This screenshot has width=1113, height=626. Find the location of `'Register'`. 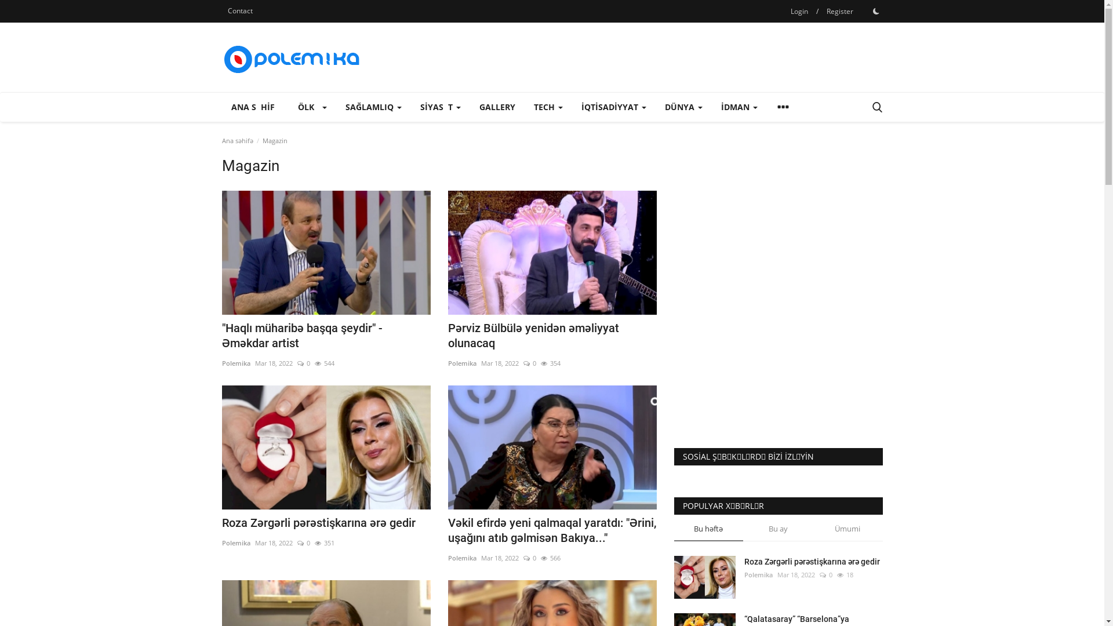

'Register' is located at coordinates (820, 11).